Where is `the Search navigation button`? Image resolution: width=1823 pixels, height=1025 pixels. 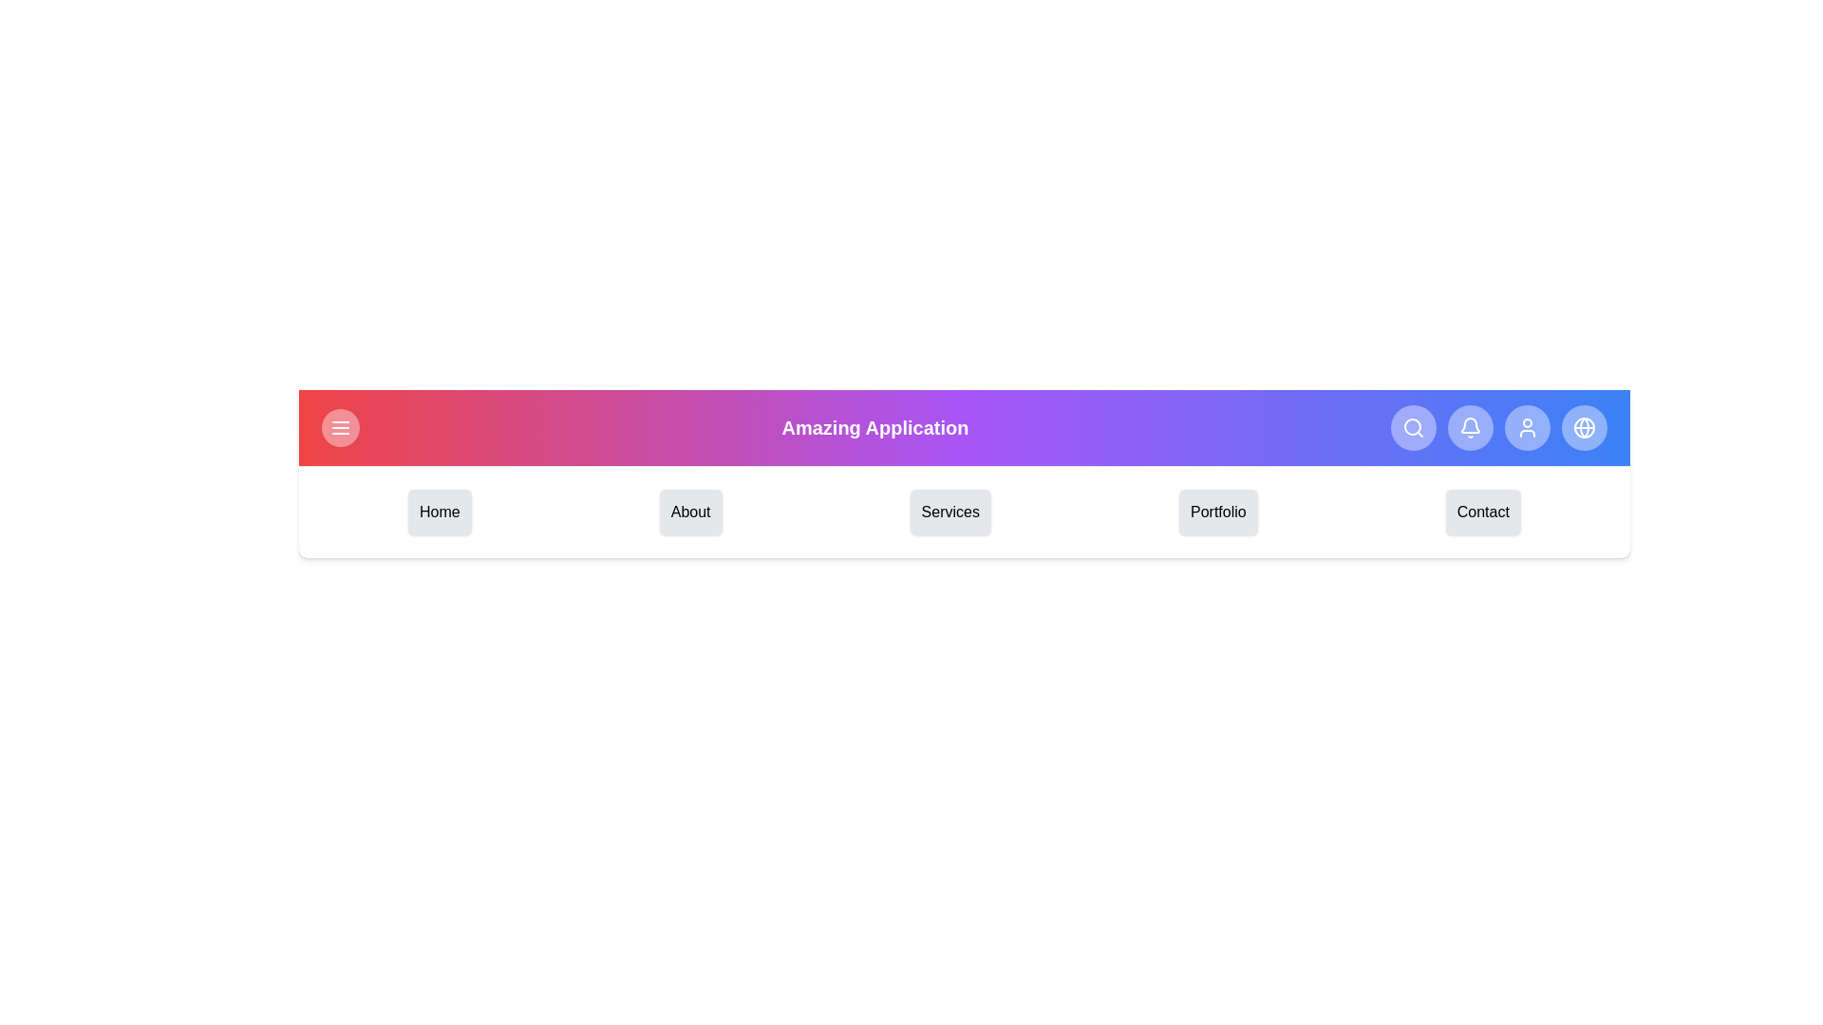 the Search navigation button is located at coordinates (1413, 428).